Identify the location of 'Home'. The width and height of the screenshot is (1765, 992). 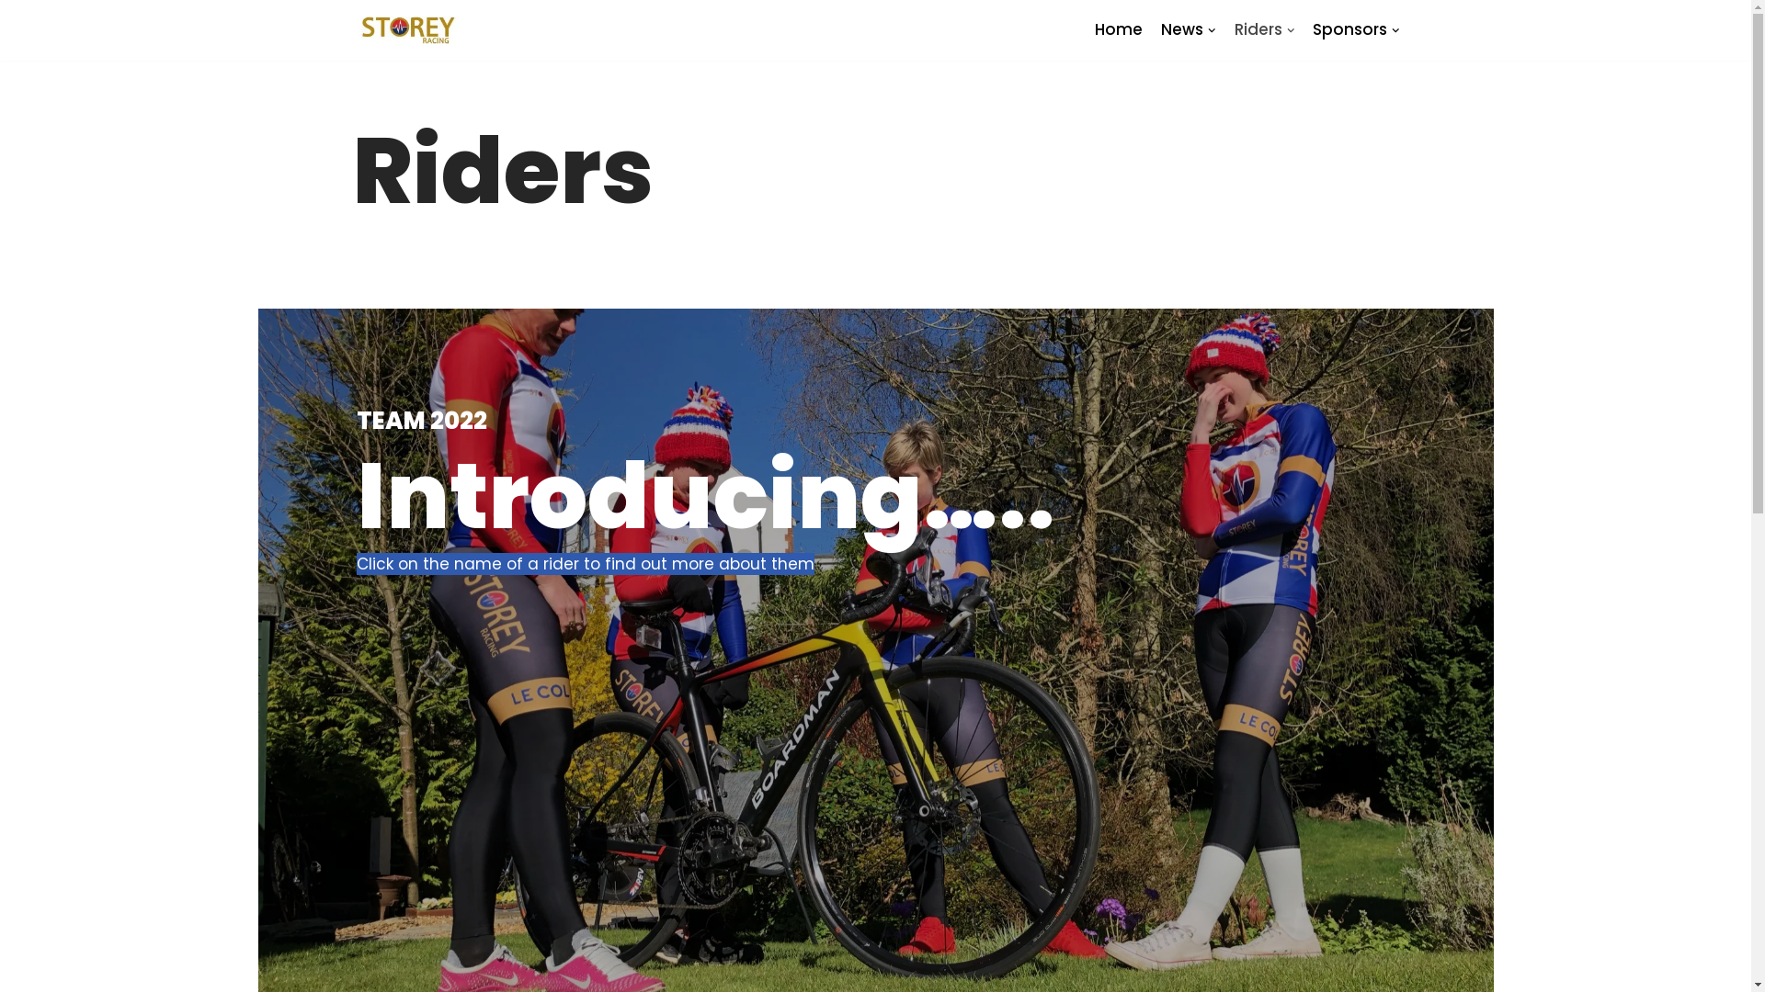
(1118, 29).